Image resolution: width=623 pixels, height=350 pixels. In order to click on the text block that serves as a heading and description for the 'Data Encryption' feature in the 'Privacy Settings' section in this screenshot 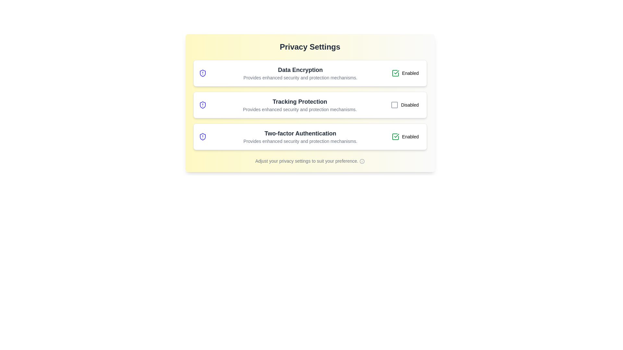, I will do `click(300, 73)`.